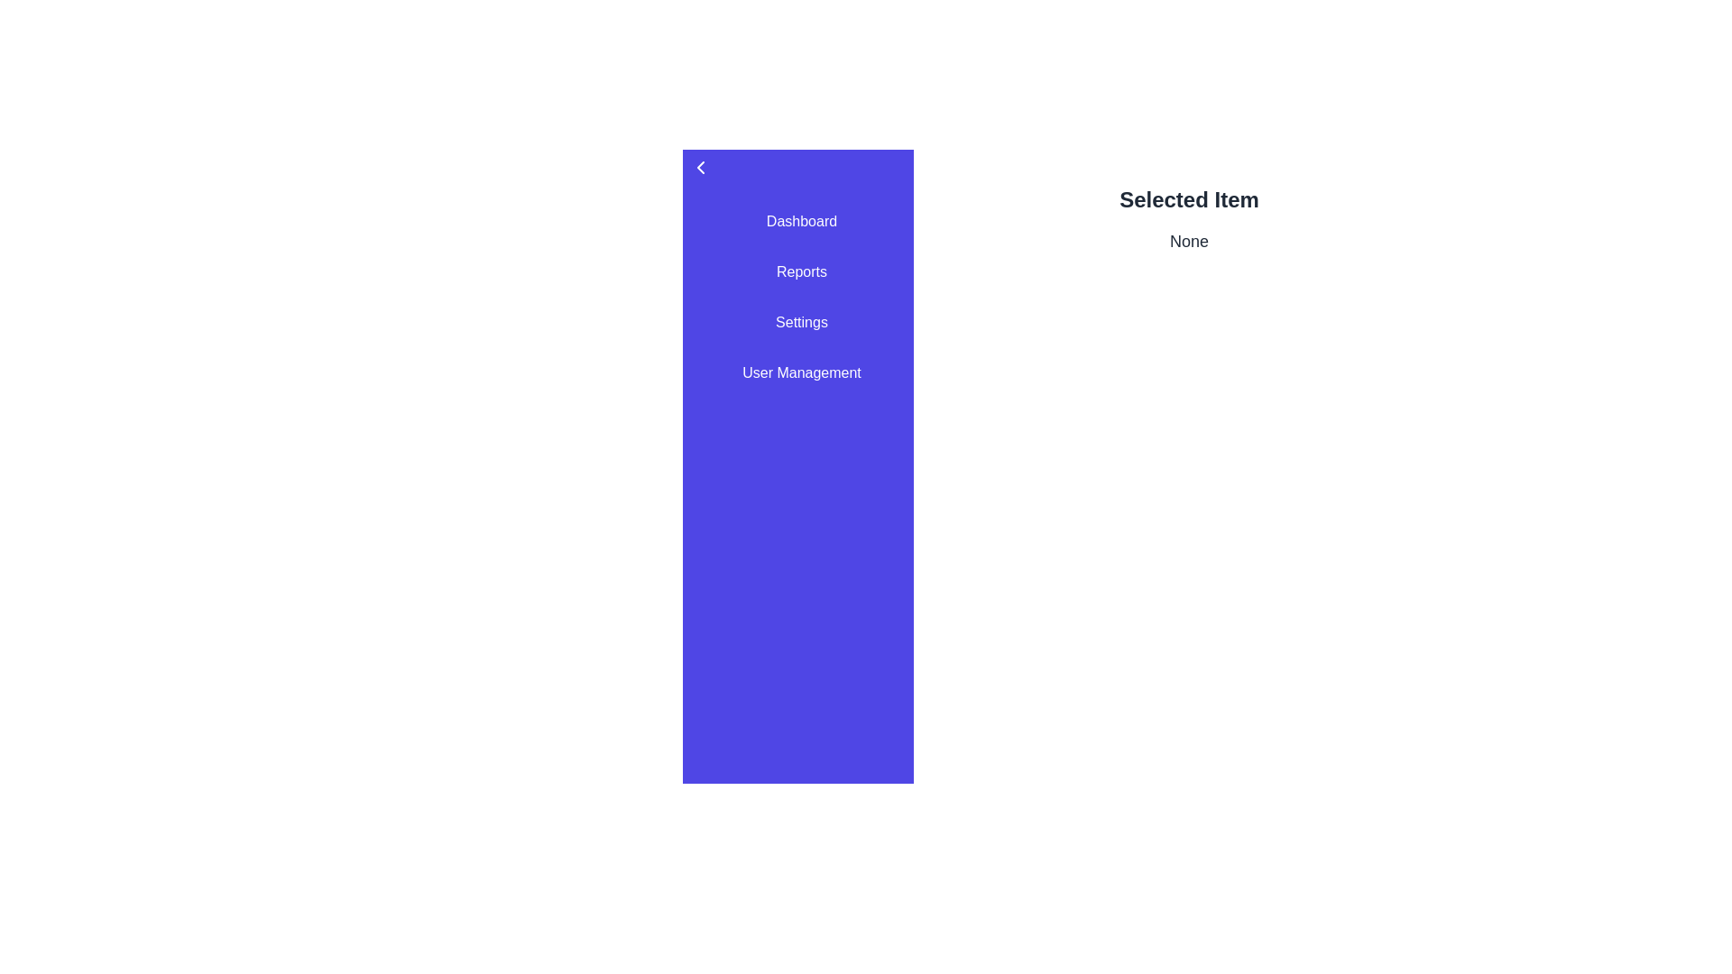 The width and height of the screenshot is (1732, 974). What do you see at coordinates (700, 167) in the screenshot?
I see `the left-pointing chevron icon within the blue sidebar section of the interface` at bounding box center [700, 167].